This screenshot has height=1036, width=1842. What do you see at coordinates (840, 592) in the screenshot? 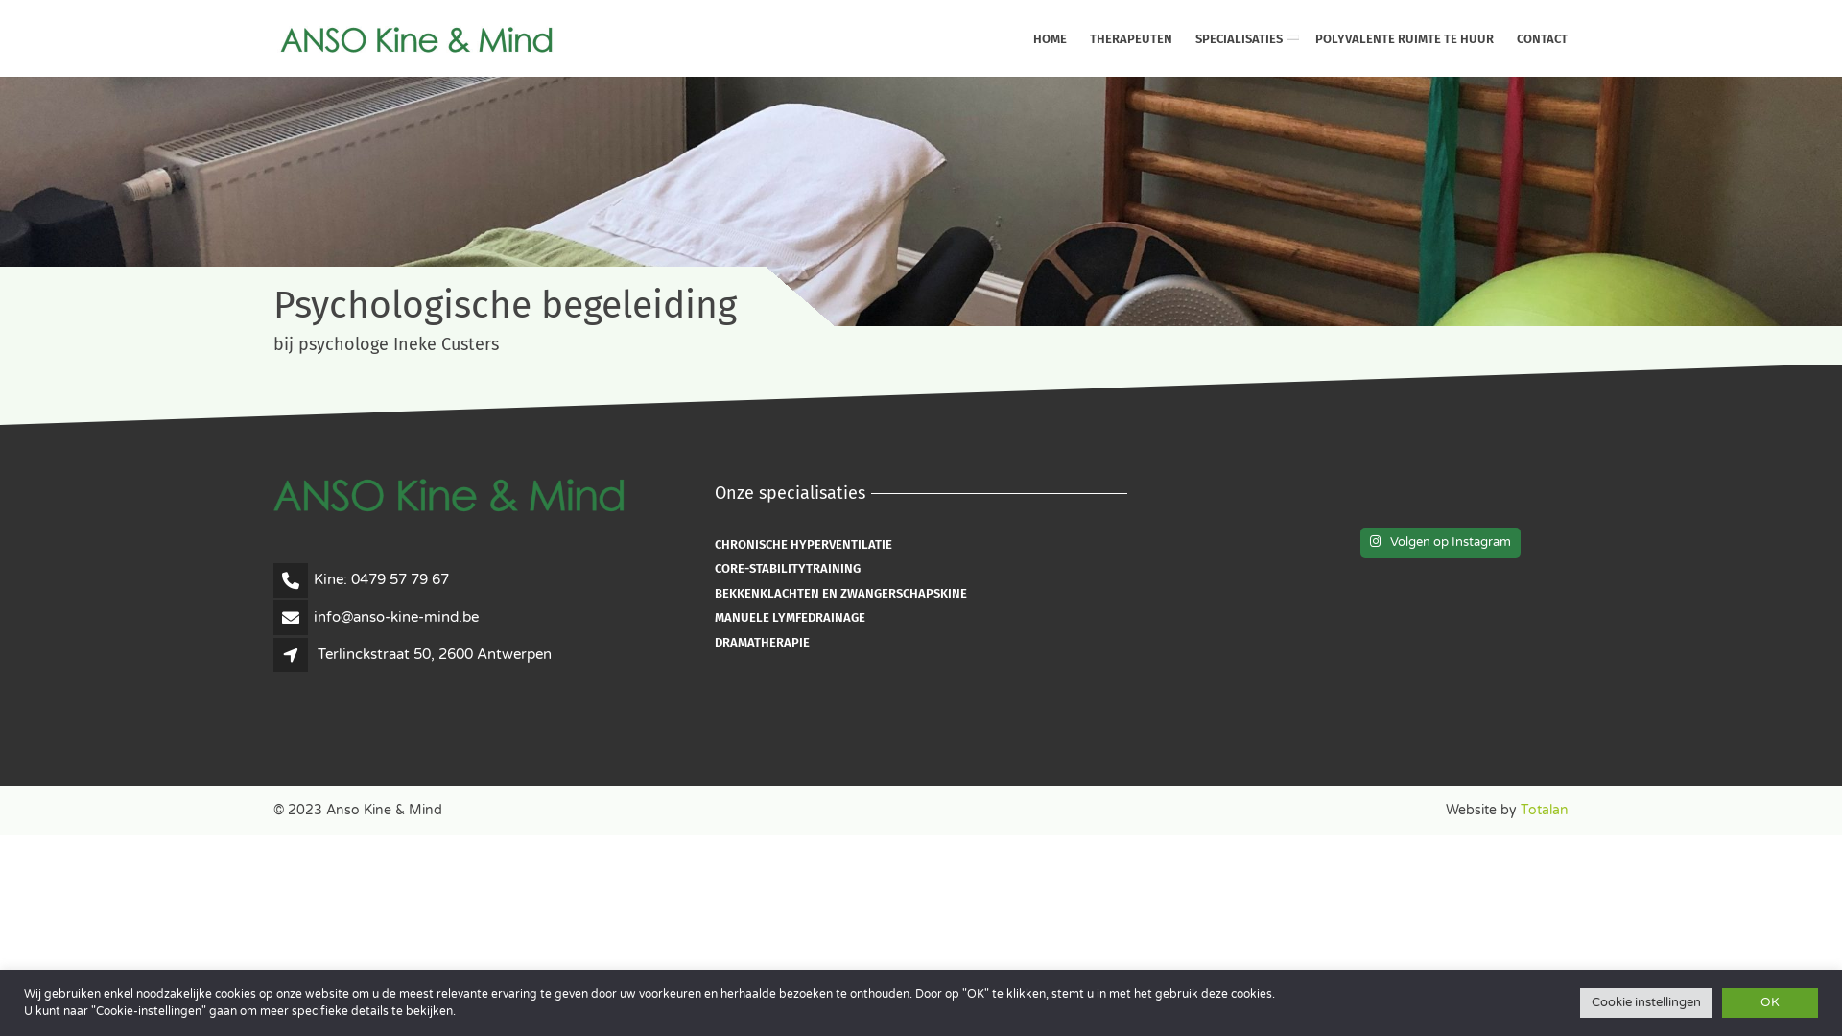
I see `'BEKKENKLACHTEN EN ZWANGERSCHAPSKINE'` at bounding box center [840, 592].